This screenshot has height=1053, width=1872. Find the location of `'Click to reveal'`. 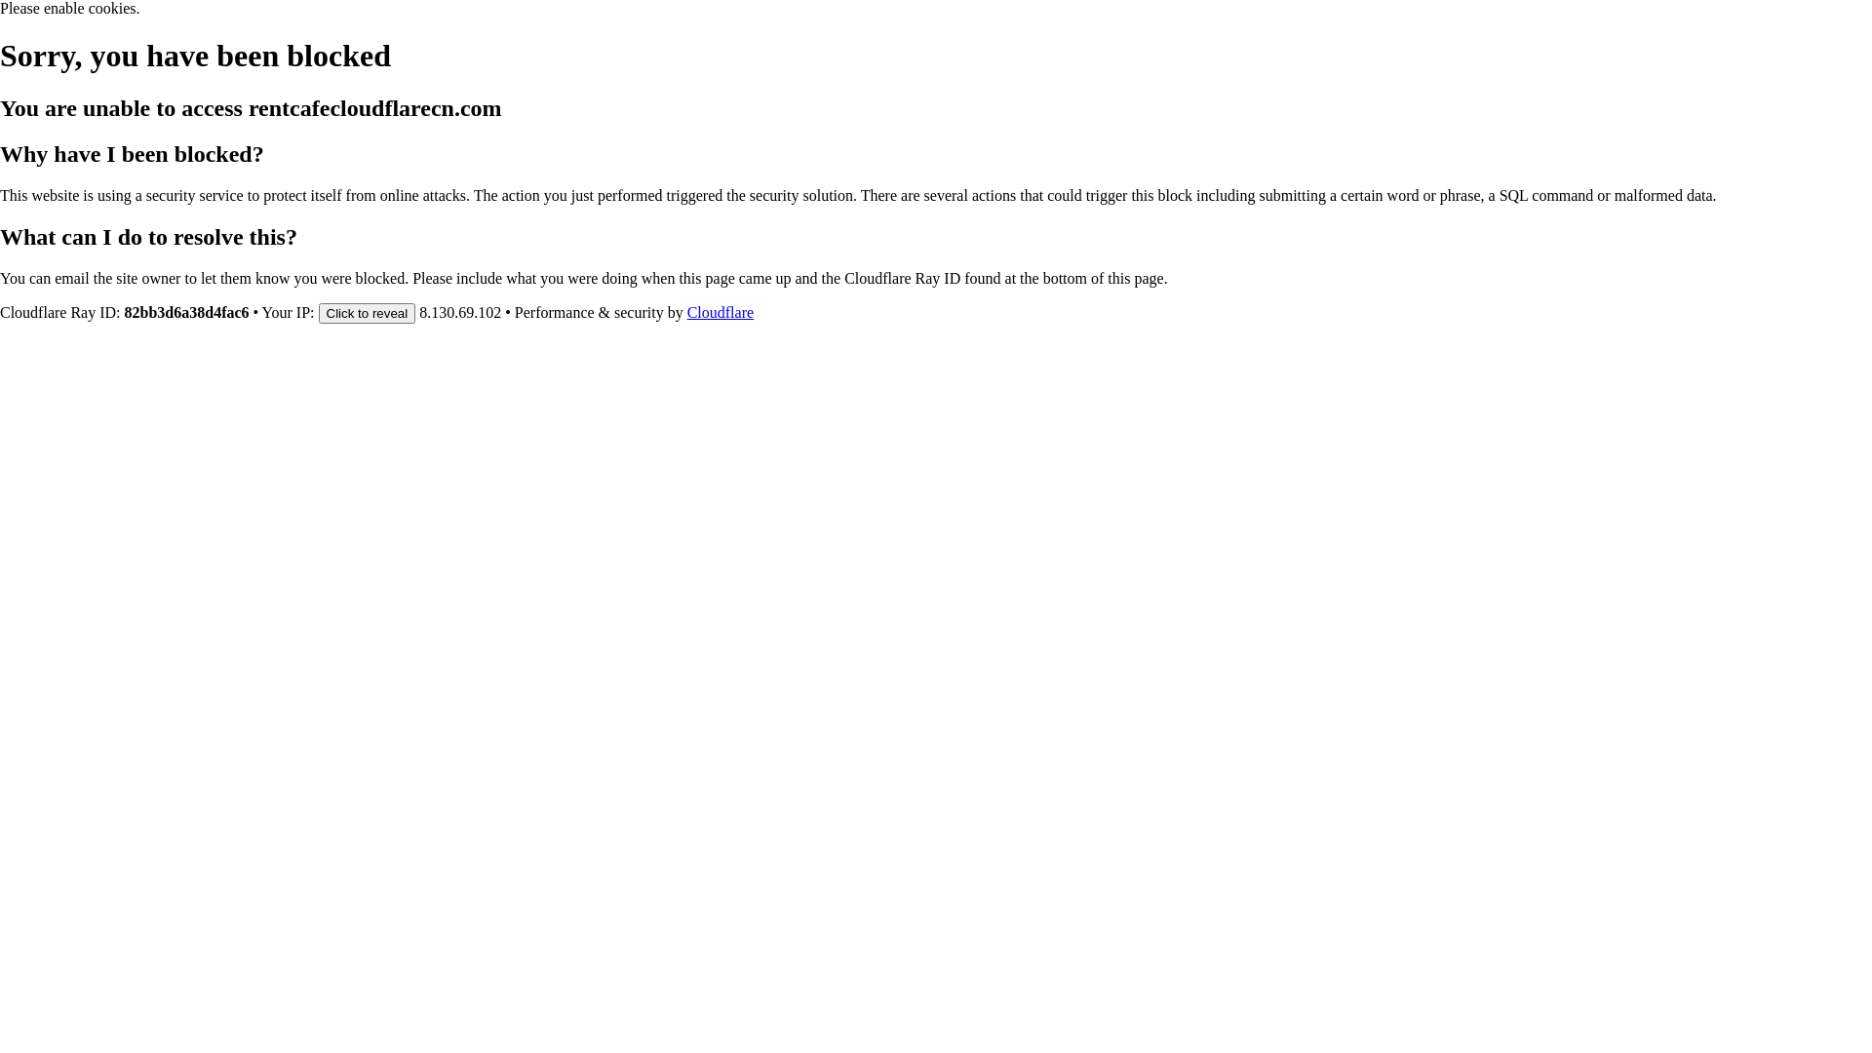

'Click to reveal' is located at coordinates (318, 311).